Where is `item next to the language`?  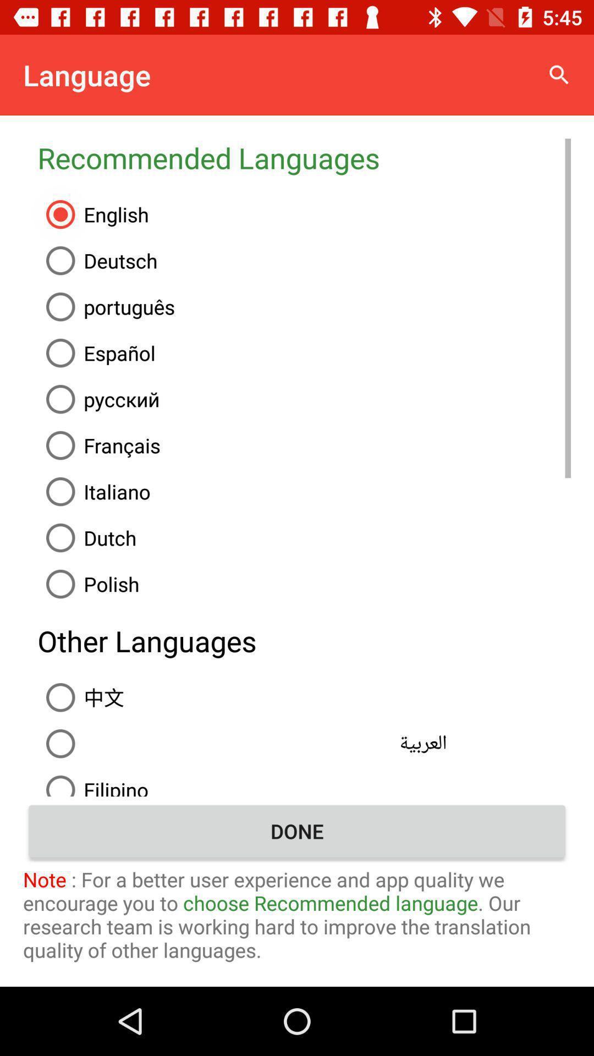
item next to the language is located at coordinates (559, 74).